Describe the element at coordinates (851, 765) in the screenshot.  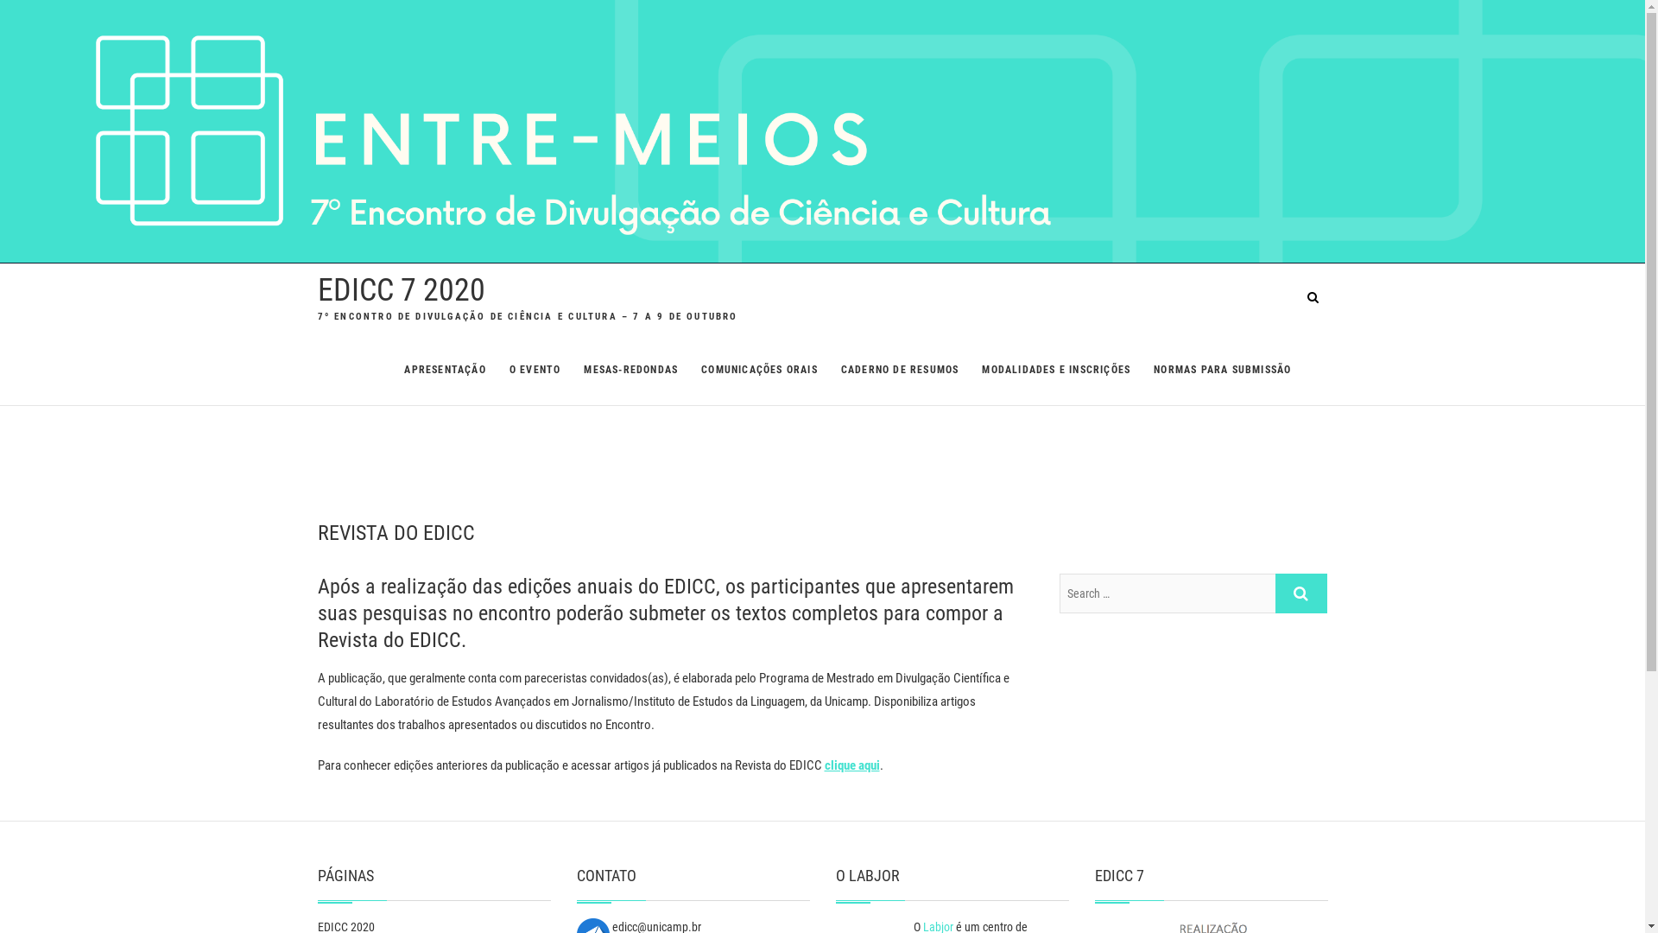
I see `'clique aqui'` at that location.